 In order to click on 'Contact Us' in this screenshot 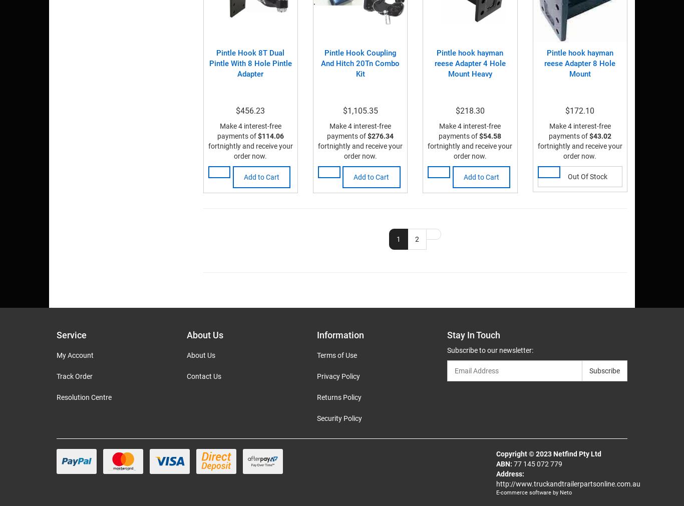, I will do `click(185, 375)`.